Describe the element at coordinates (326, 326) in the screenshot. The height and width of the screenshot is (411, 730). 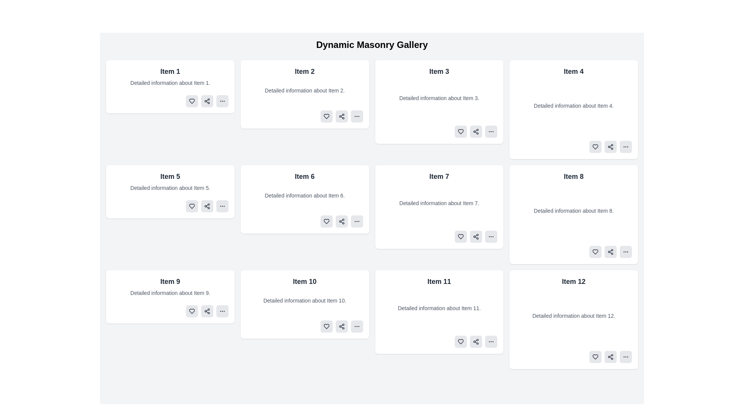
I see `the heart button located in the bottom-left section of the card for 'Item 10' to like this item` at that location.